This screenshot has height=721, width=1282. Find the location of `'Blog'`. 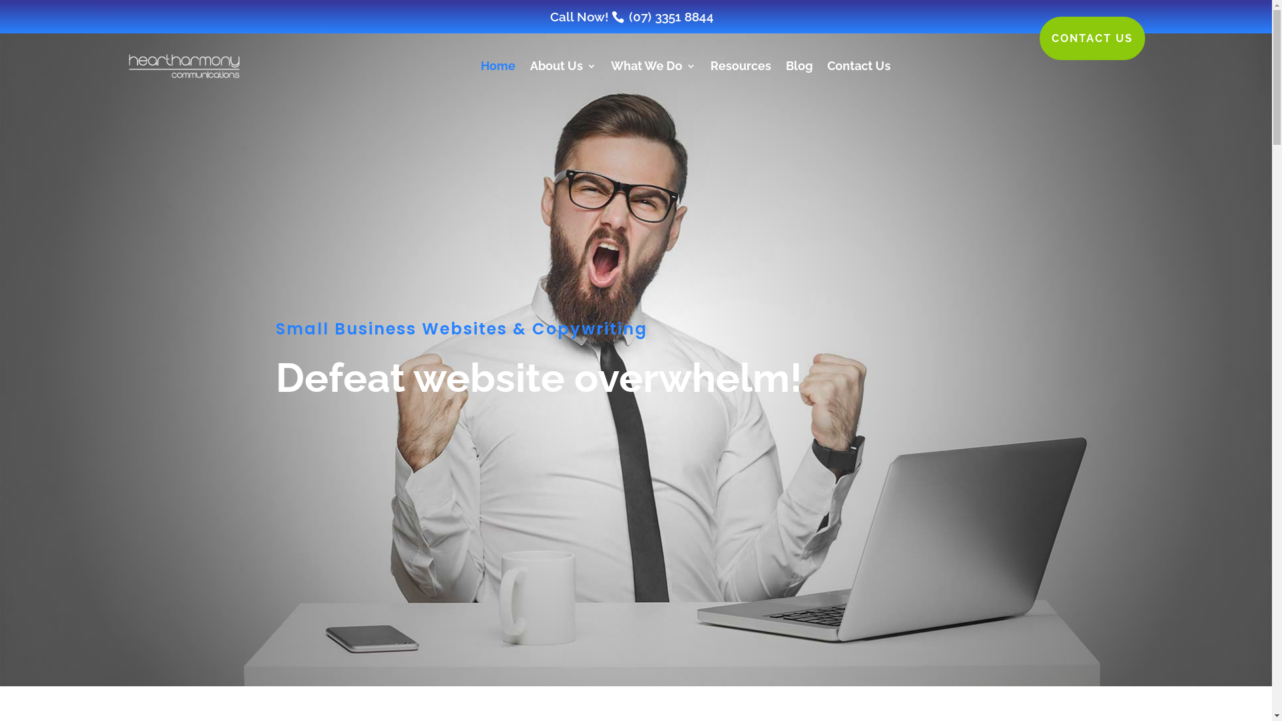

'Blog' is located at coordinates (798, 66).